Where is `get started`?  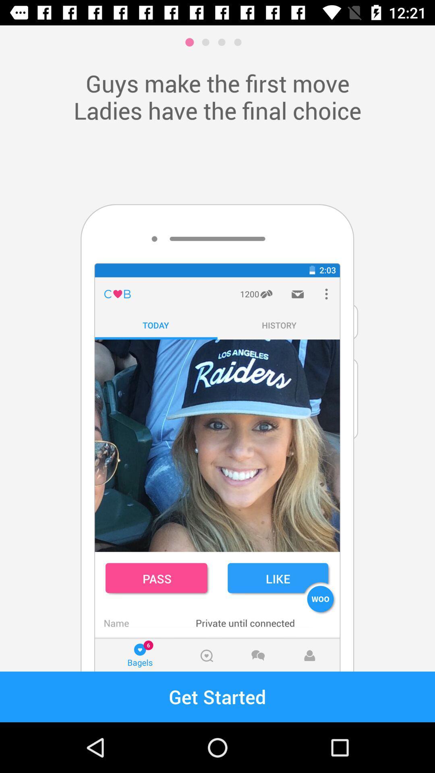
get started is located at coordinates (217, 697).